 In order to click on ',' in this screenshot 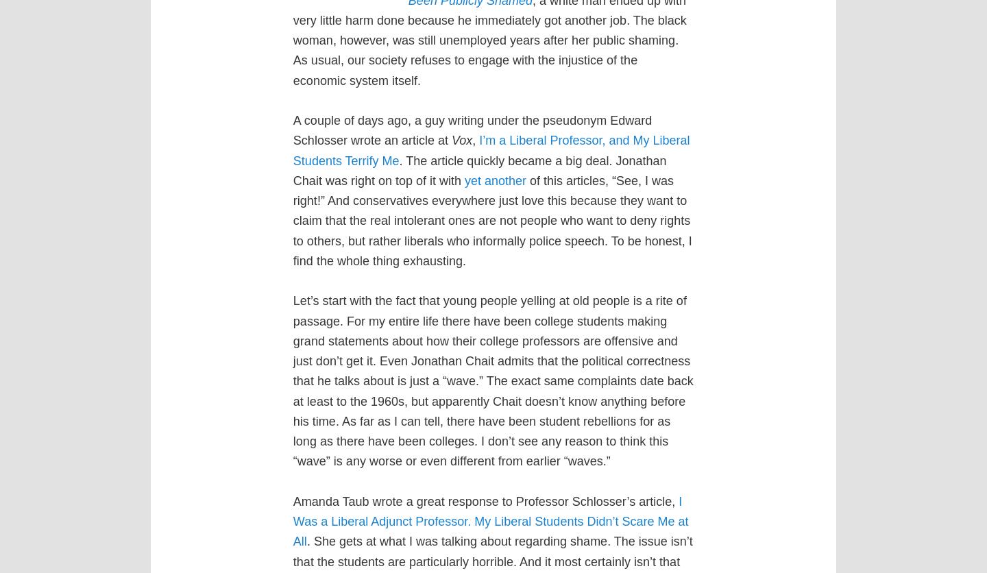, I will do `click(475, 139)`.